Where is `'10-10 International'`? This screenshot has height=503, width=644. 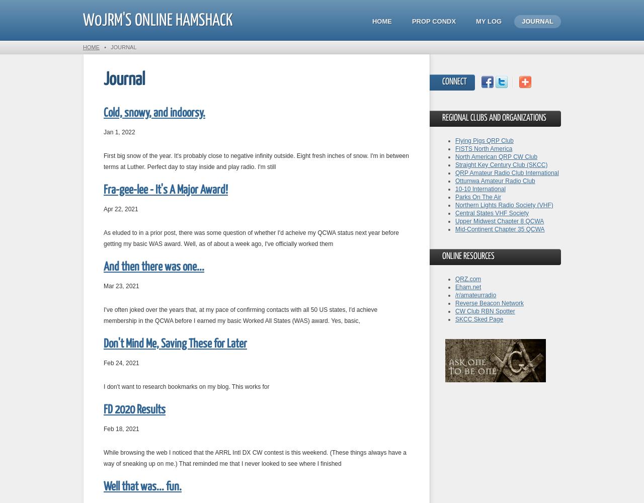 '10-10 International' is located at coordinates (480, 189).